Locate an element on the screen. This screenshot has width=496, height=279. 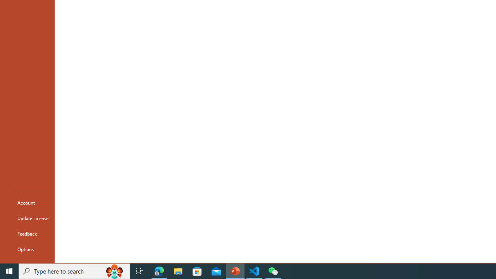
'Task View' is located at coordinates (139, 270).